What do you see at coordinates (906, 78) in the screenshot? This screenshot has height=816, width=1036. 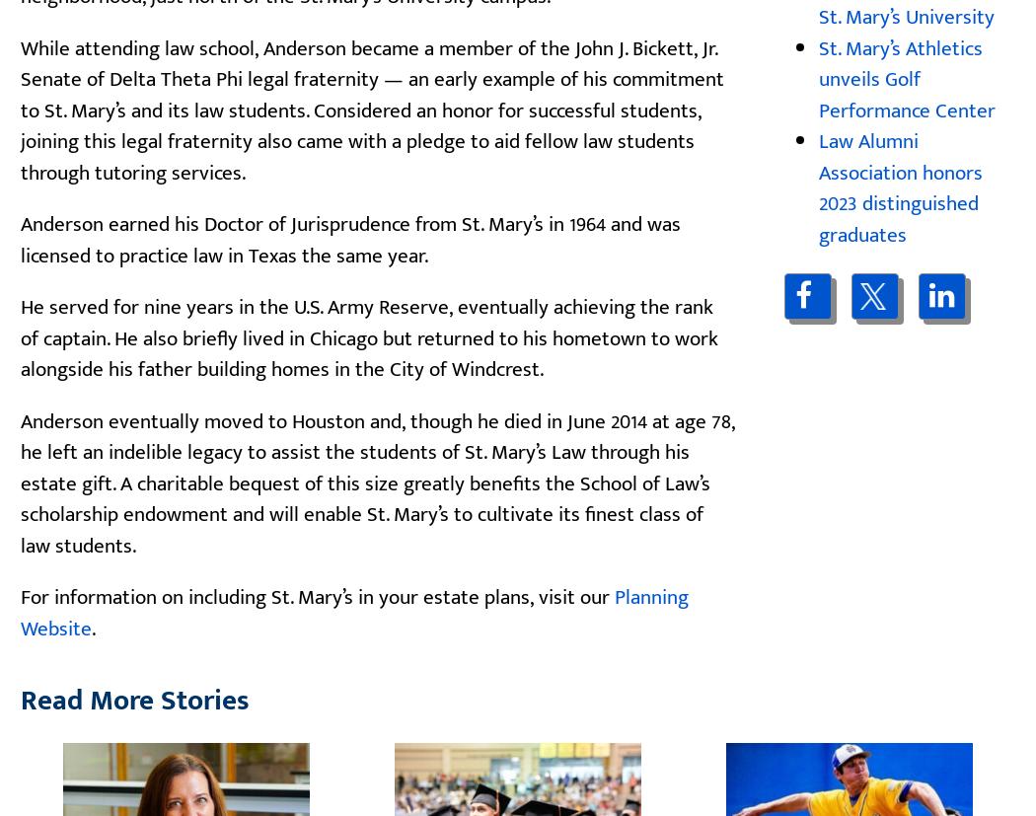 I see `'St. Mary’s Athletics unveils Golf Performance Center'` at bounding box center [906, 78].